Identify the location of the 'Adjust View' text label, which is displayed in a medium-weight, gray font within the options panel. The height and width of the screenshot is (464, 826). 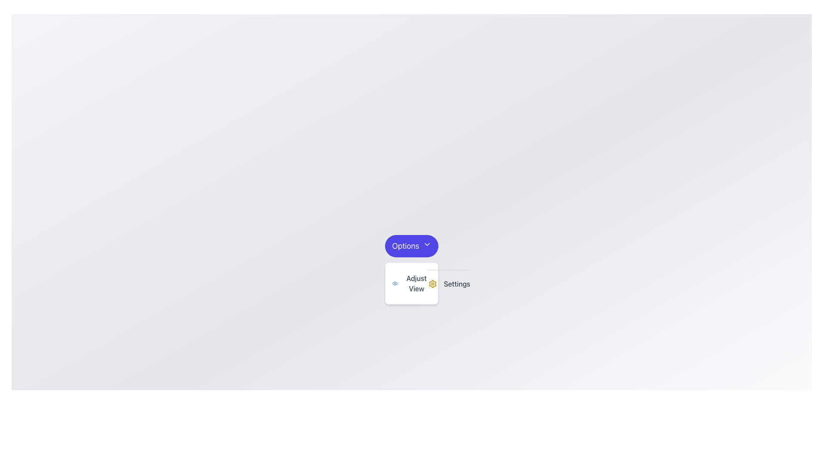
(416, 283).